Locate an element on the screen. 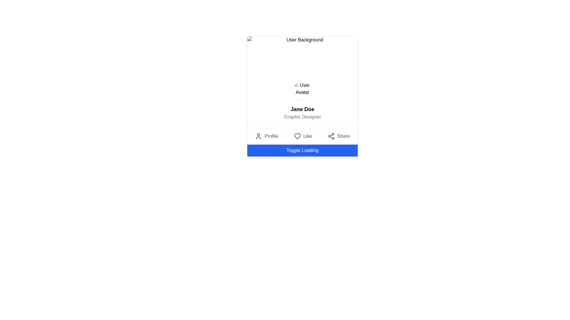 The height and width of the screenshot is (320, 570). the non-interactive informational text label displaying 'Graphic Designer', located directly beneath 'Jane Doe' in the content card layout is located at coordinates (302, 117).